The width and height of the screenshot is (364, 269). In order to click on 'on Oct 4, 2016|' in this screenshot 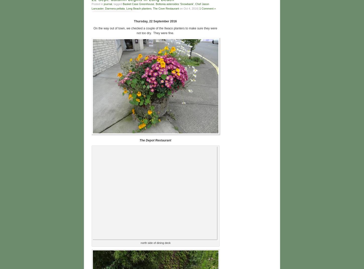, I will do `click(189, 8)`.